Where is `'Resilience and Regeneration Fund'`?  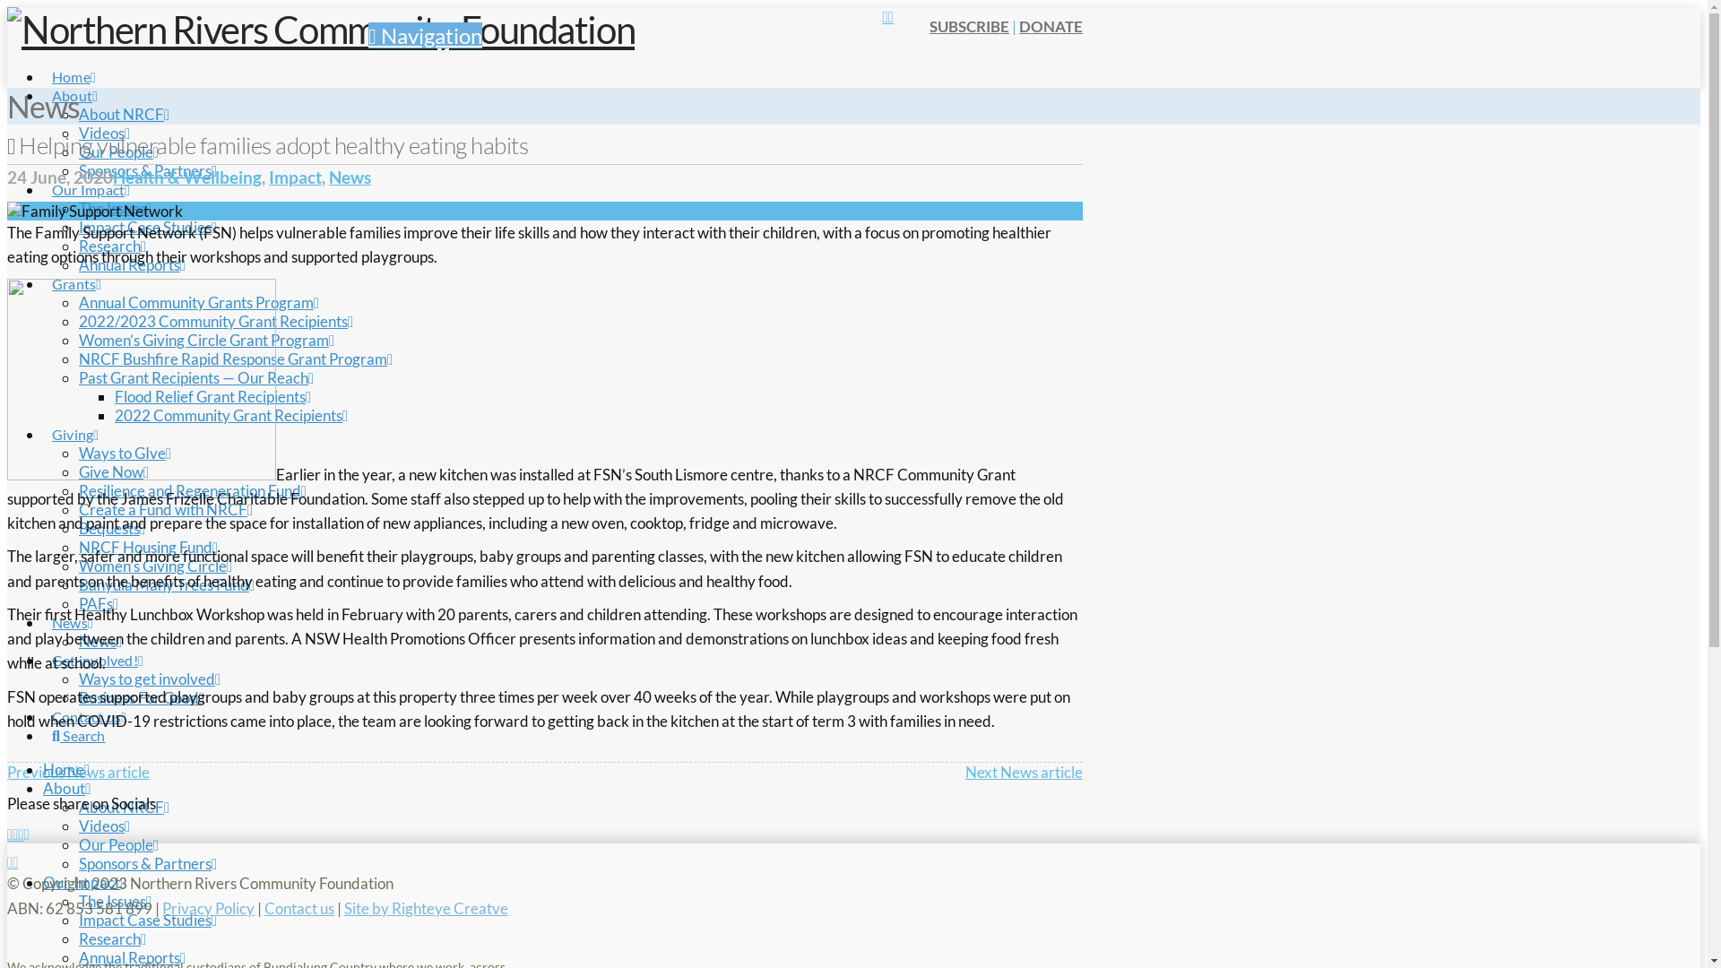
'Resilience and Regeneration Fund' is located at coordinates (193, 490).